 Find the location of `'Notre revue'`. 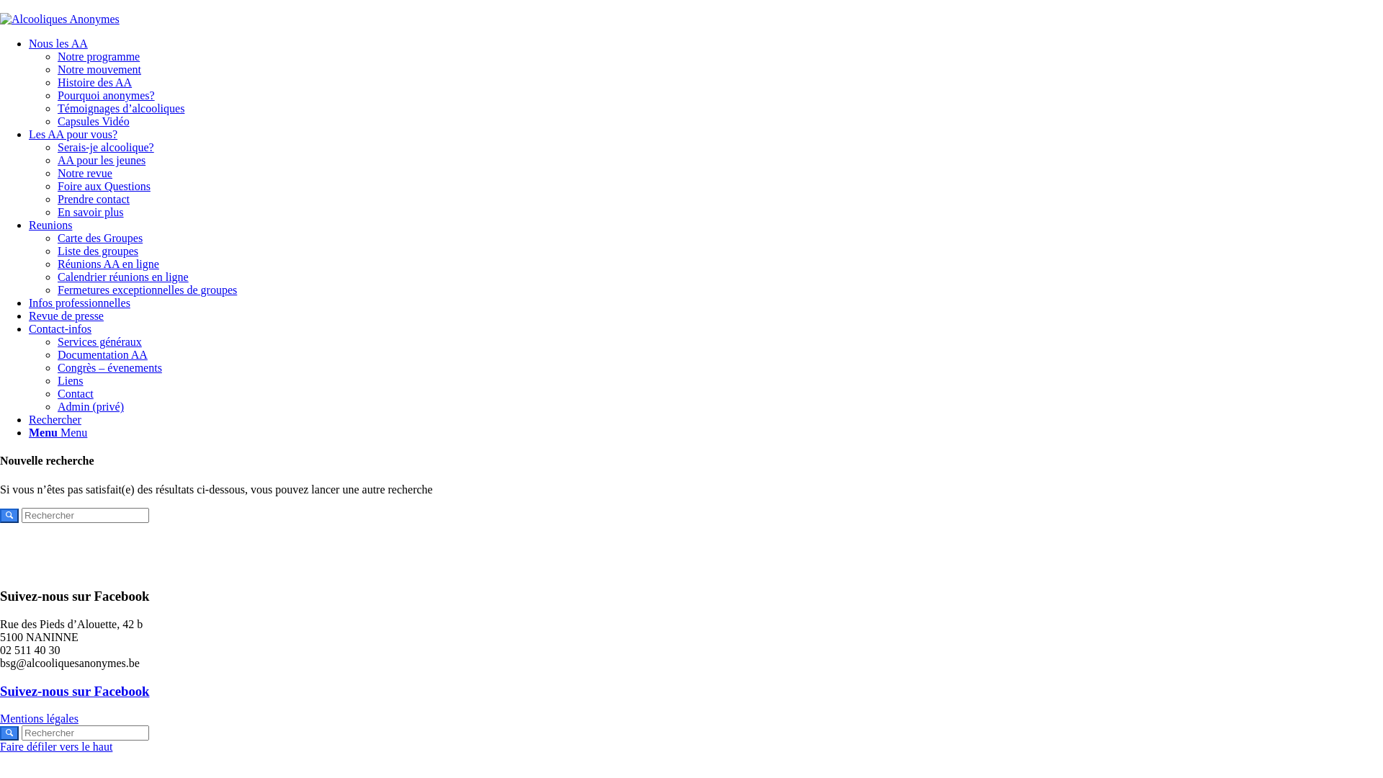

'Notre revue' is located at coordinates (84, 172).